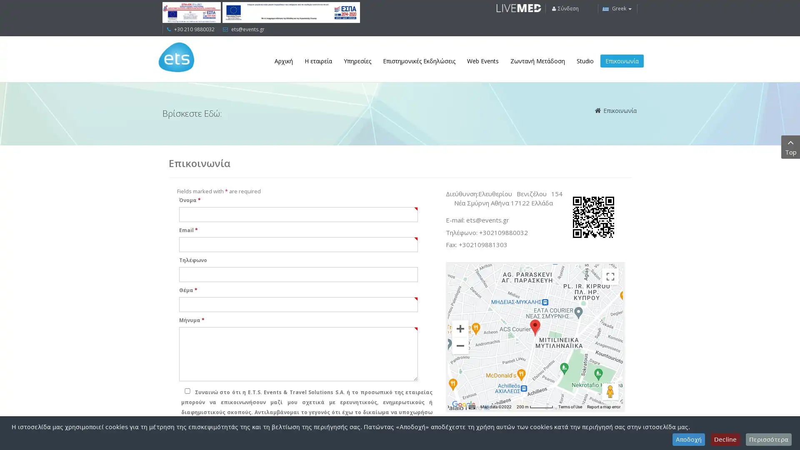 This screenshot has height=450, width=800. I want to click on Toggle fullscreen view, so click(610, 276).